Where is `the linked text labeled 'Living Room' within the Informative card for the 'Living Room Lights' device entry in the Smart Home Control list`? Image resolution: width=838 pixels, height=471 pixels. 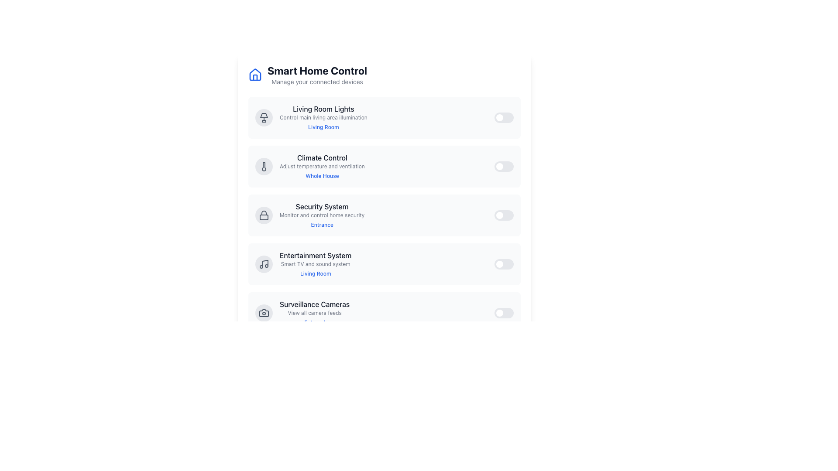 the linked text labeled 'Living Room' within the Informative card for the 'Living Room Lights' device entry in the Smart Home Control list is located at coordinates (311, 118).